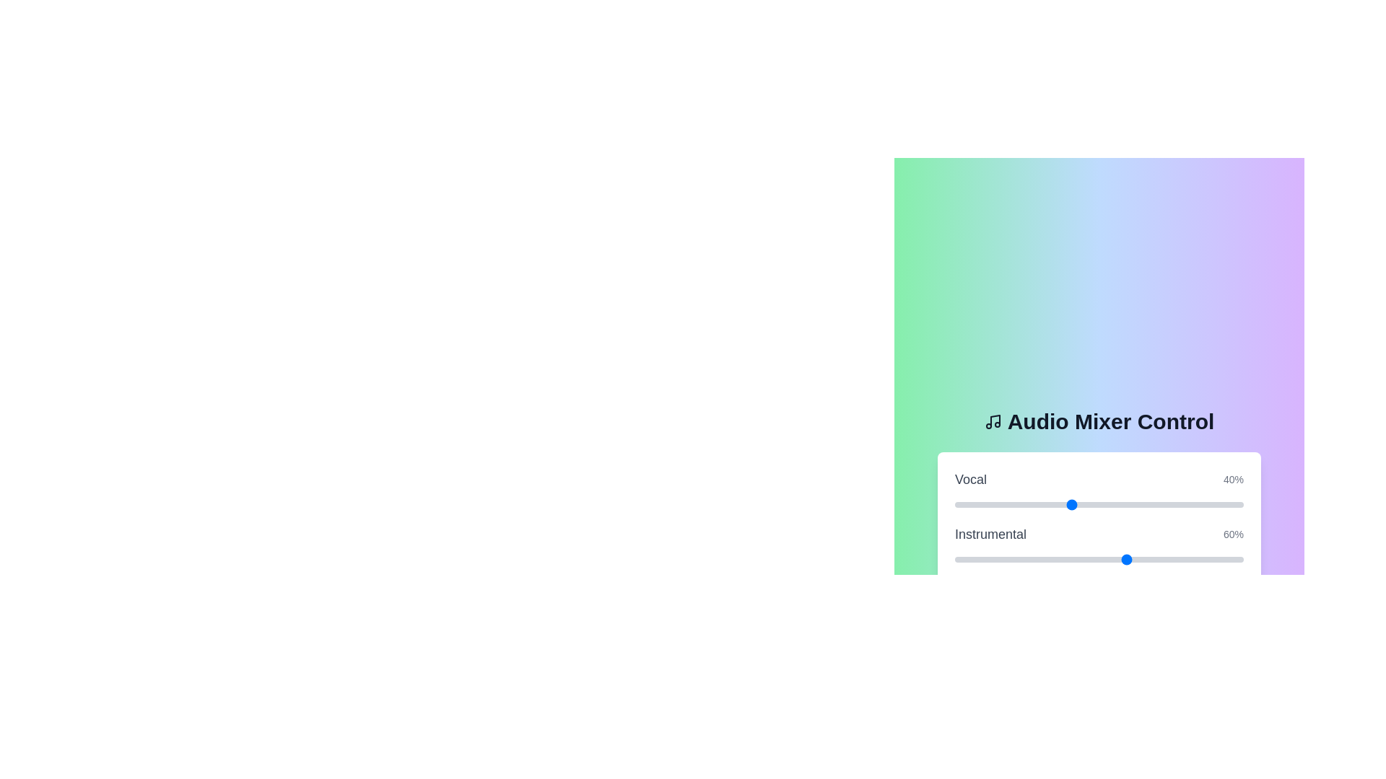 This screenshot has height=779, width=1386. Describe the element at coordinates (969, 503) in the screenshot. I see `the vocal slider to 5%` at that location.